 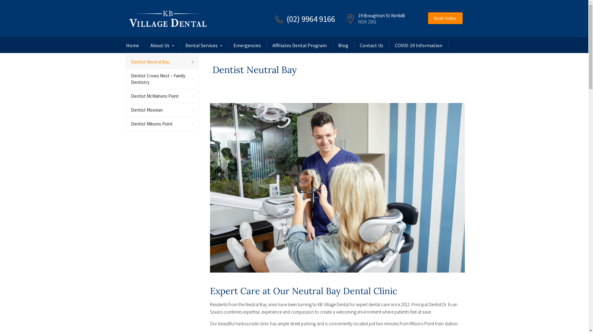 I want to click on 'COVID-19 Information', so click(x=418, y=45).